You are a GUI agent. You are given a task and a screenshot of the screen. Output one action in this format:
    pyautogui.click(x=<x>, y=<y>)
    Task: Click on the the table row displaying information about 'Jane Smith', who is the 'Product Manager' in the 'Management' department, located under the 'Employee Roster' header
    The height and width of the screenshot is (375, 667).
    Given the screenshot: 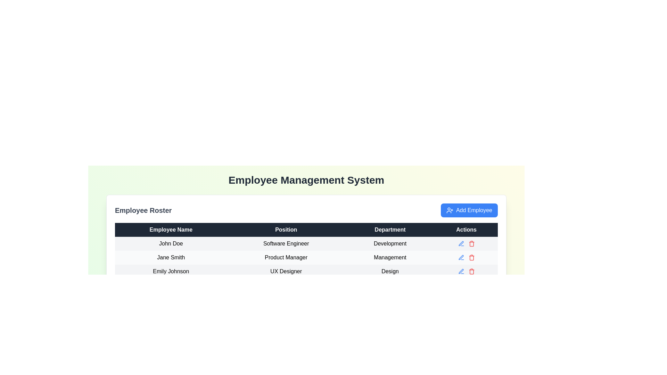 What is the action you would take?
    pyautogui.click(x=306, y=257)
    